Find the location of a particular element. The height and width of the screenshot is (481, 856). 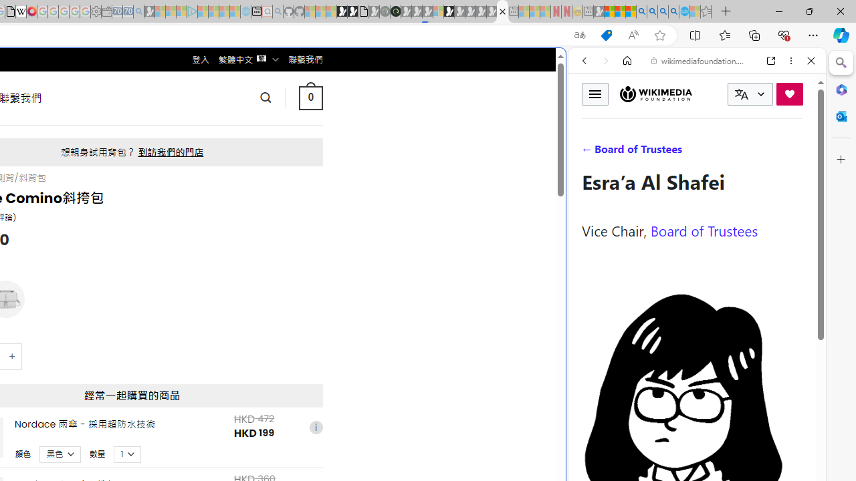

'Donate now' is located at coordinates (789, 93).